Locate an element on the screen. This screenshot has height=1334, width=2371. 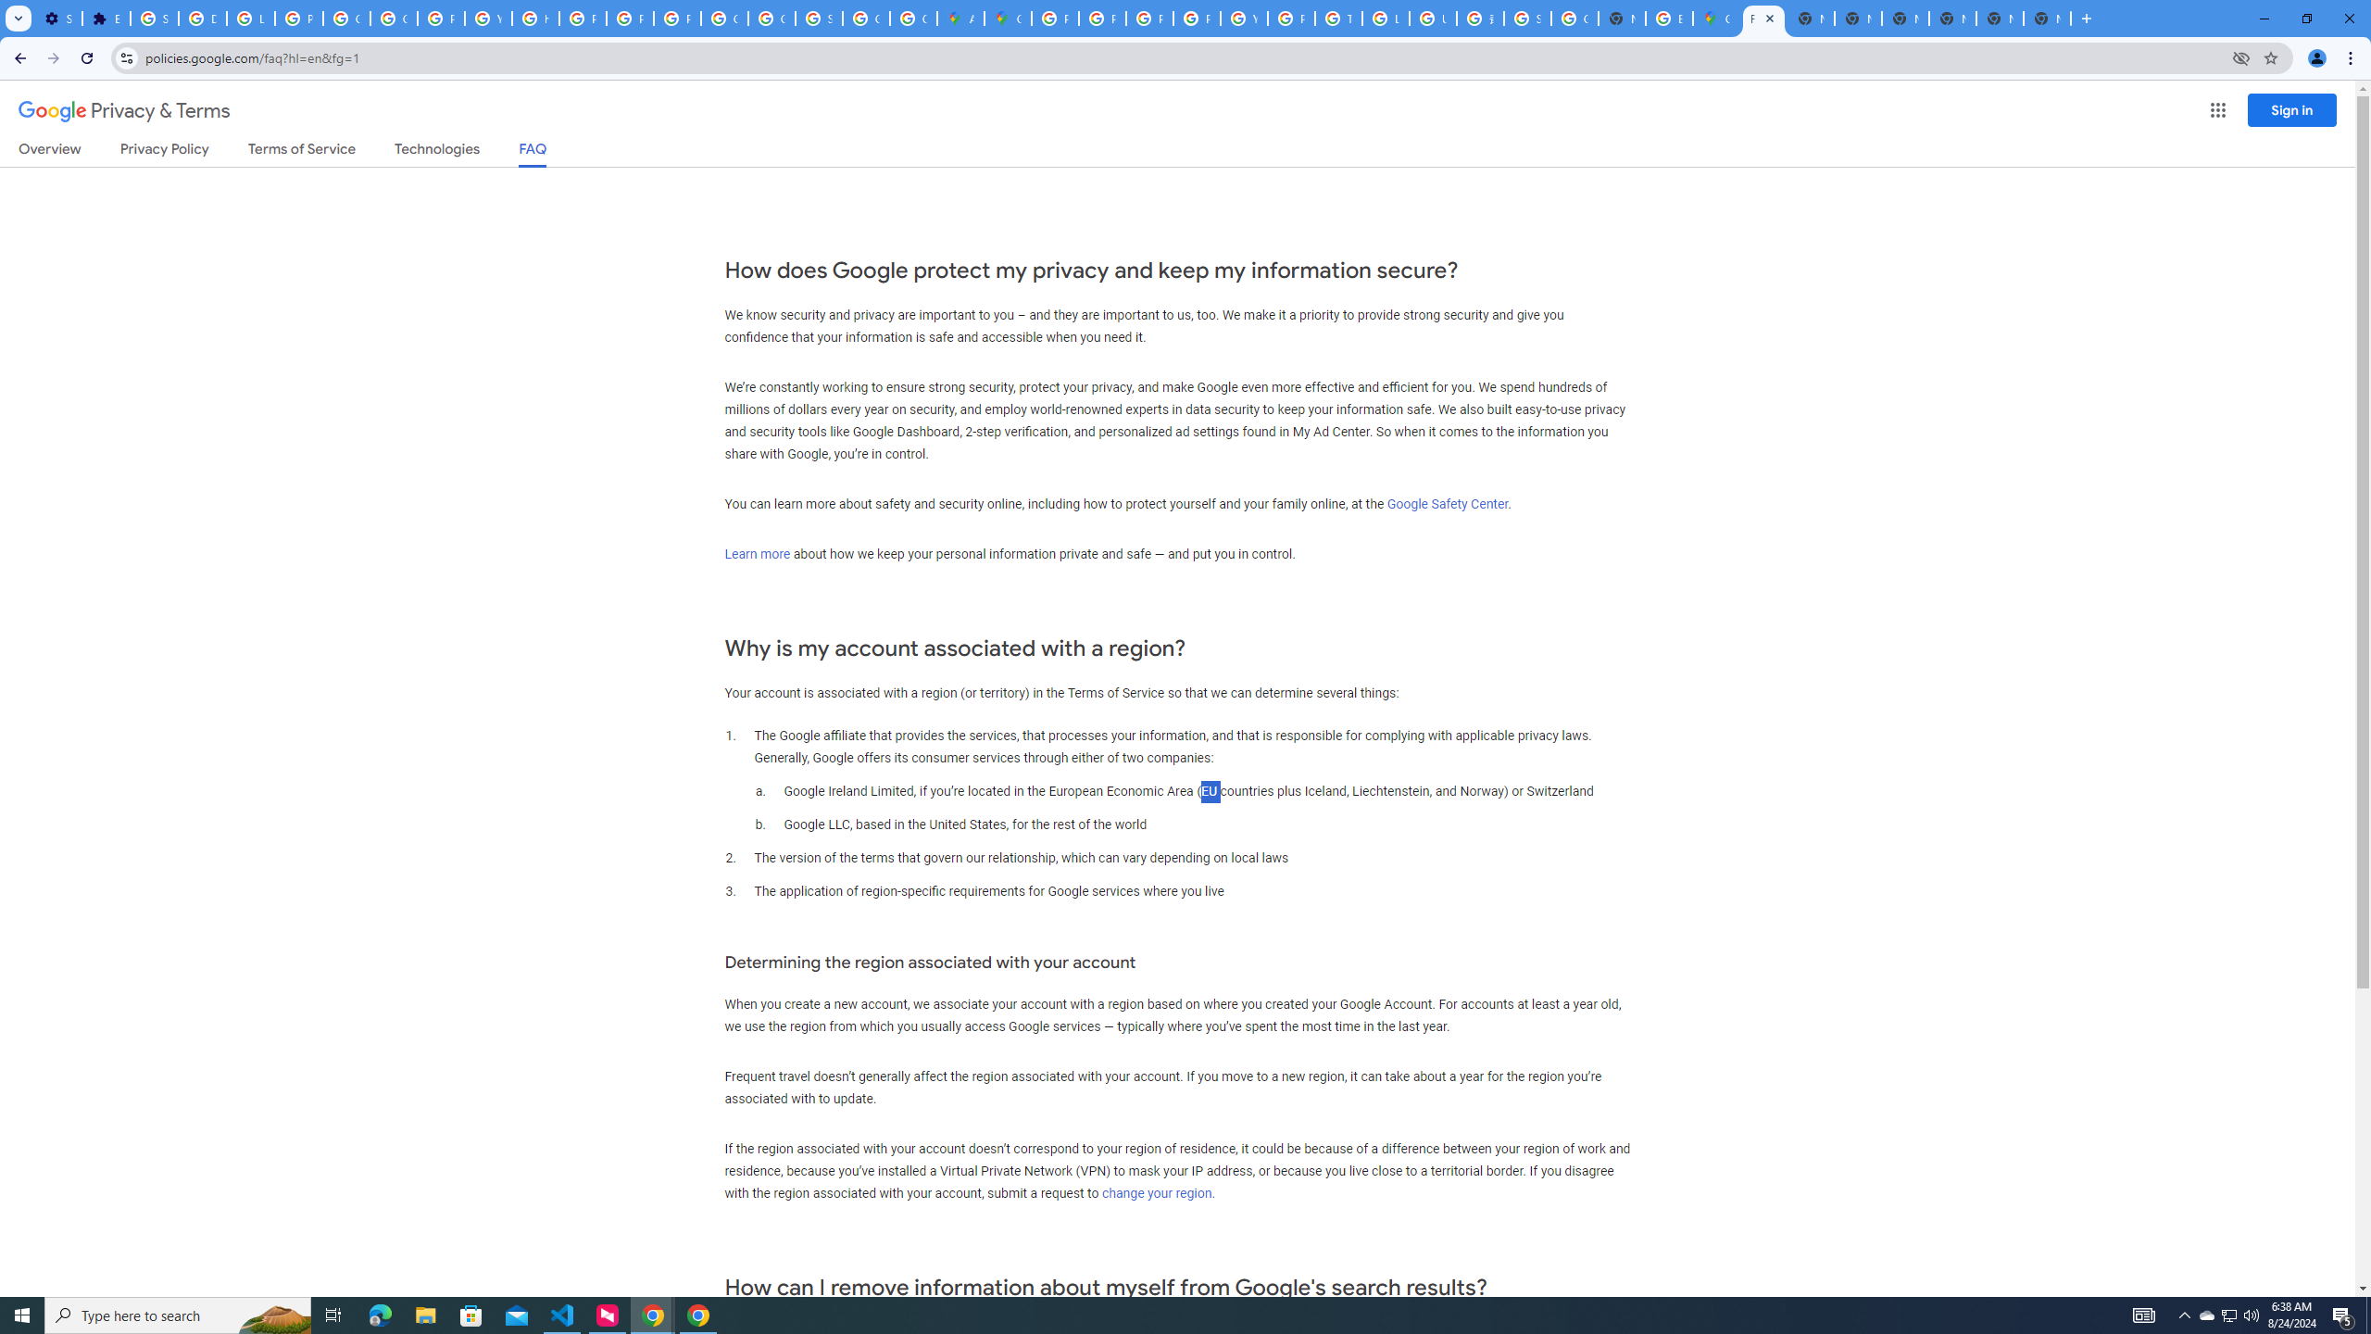
'New Tab' is located at coordinates (2046, 18).